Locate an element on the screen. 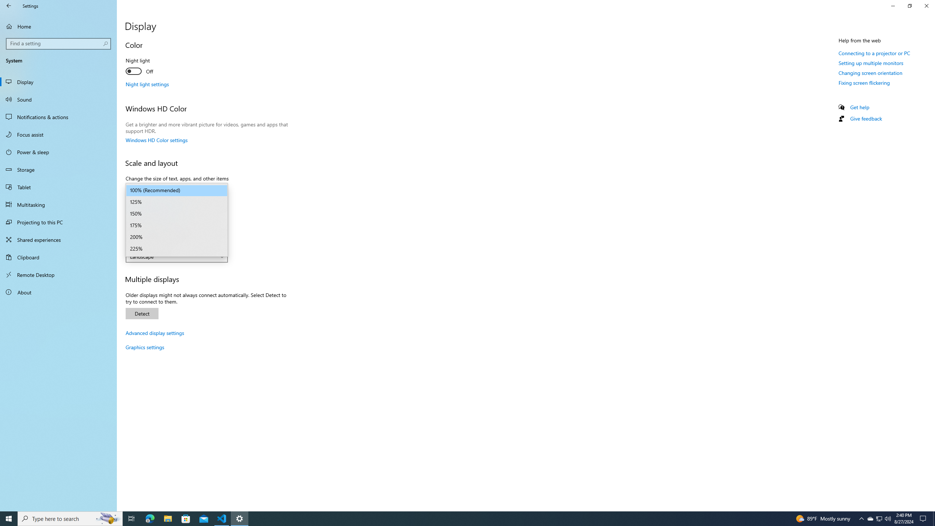 Image resolution: width=935 pixels, height=526 pixels. 'Give feedback' is located at coordinates (865, 118).